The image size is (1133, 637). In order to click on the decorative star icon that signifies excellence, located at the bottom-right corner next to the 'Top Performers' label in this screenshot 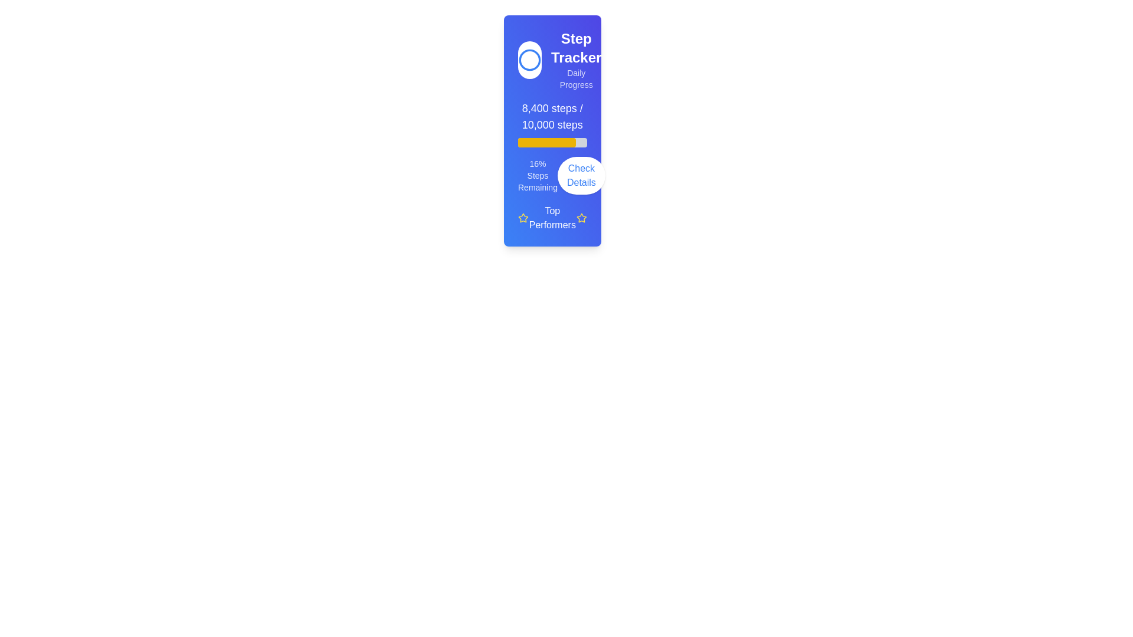, I will do `click(581, 218)`.